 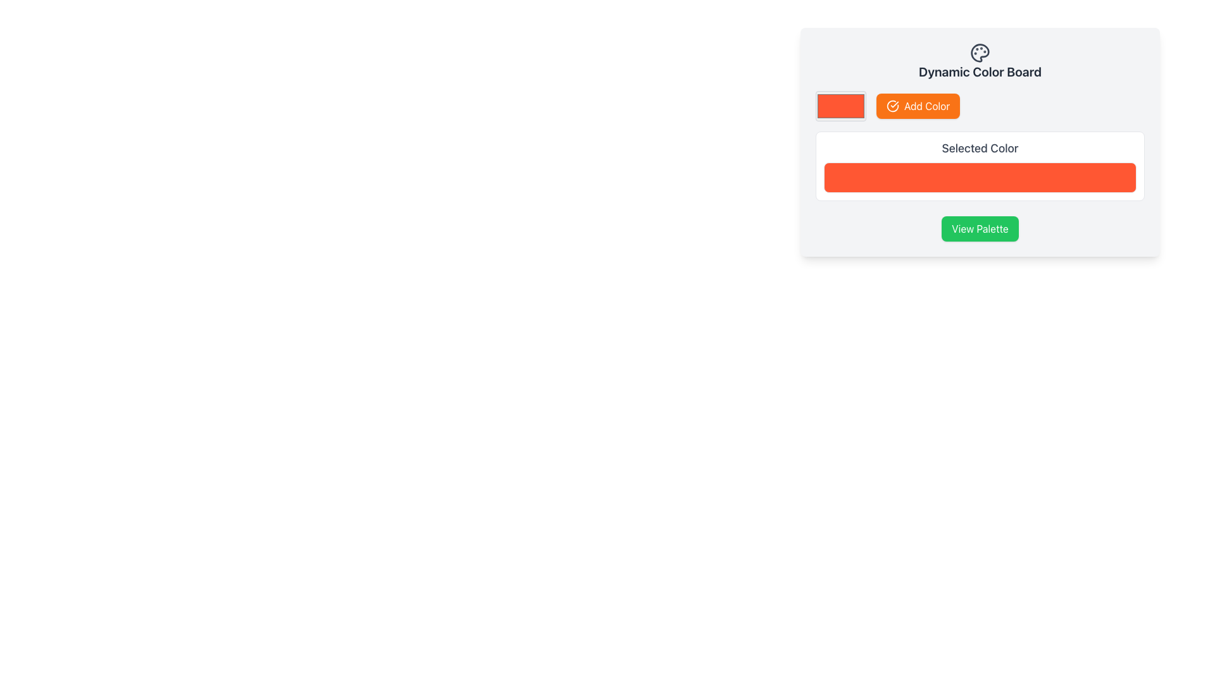 I want to click on the text label displaying 'Selected Color' in a large gray font, located centrally above the colored rectangle, so click(x=980, y=148).